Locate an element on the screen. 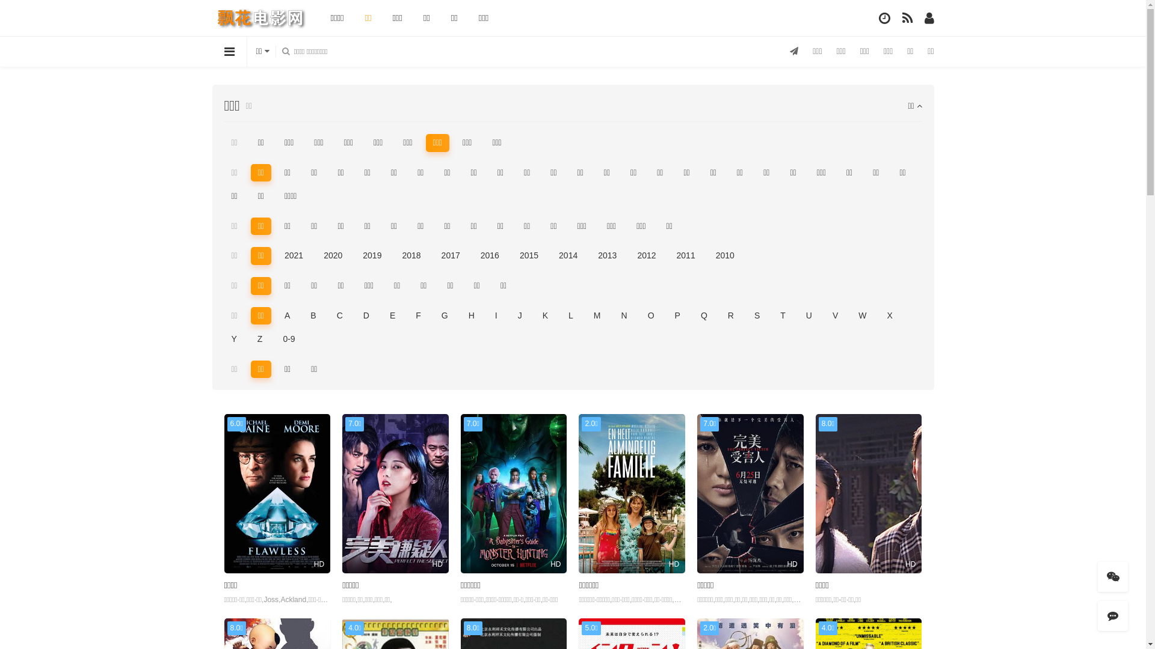 The height and width of the screenshot is (649, 1155). '2014' is located at coordinates (567, 255).